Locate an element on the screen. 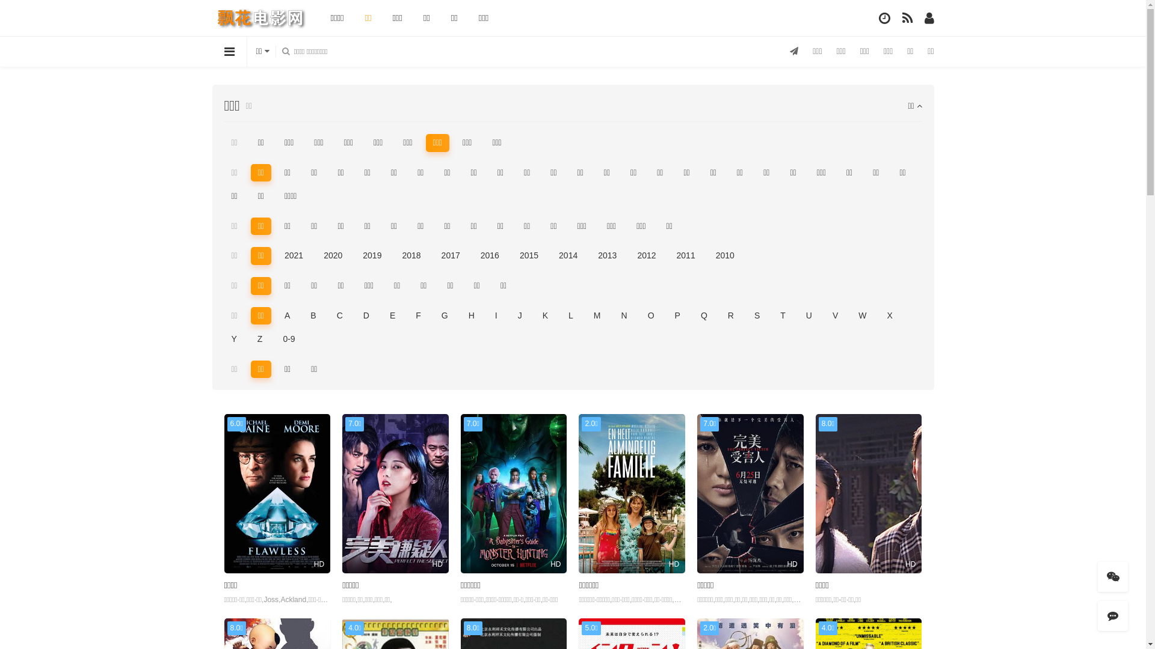 The height and width of the screenshot is (649, 1155). '2014' is located at coordinates (567, 255).